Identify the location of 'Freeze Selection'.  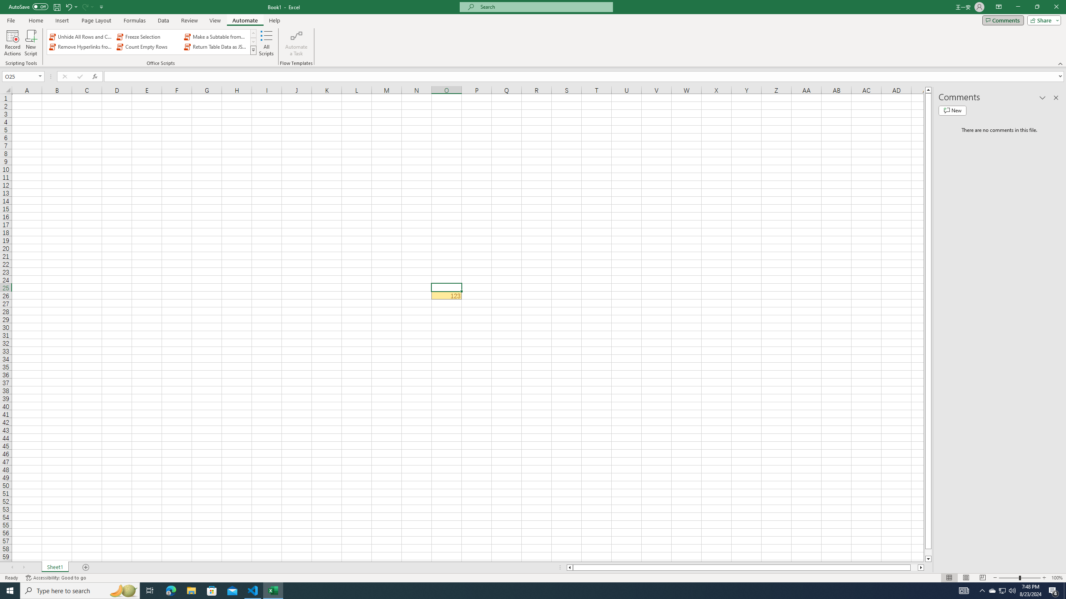
(148, 37).